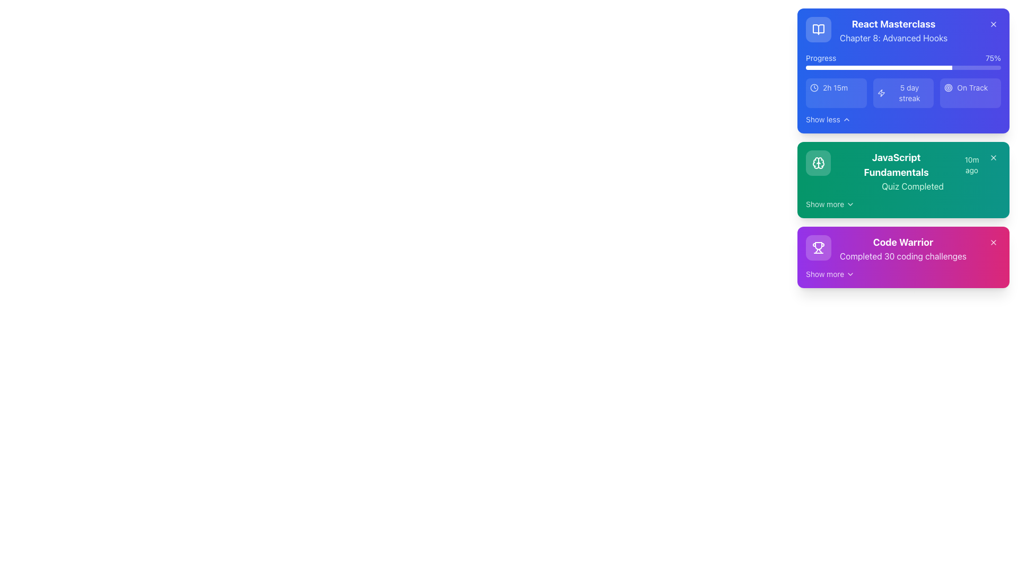 This screenshot has height=572, width=1018. What do you see at coordinates (818, 163) in the screenshot?
I see `the SVG brain icon element, which is styled with the class 'lucide-brain' and is located in the second card from the top, to the left of the text 'JavaScript Fundamentals'` at bounding box center [818, 163].